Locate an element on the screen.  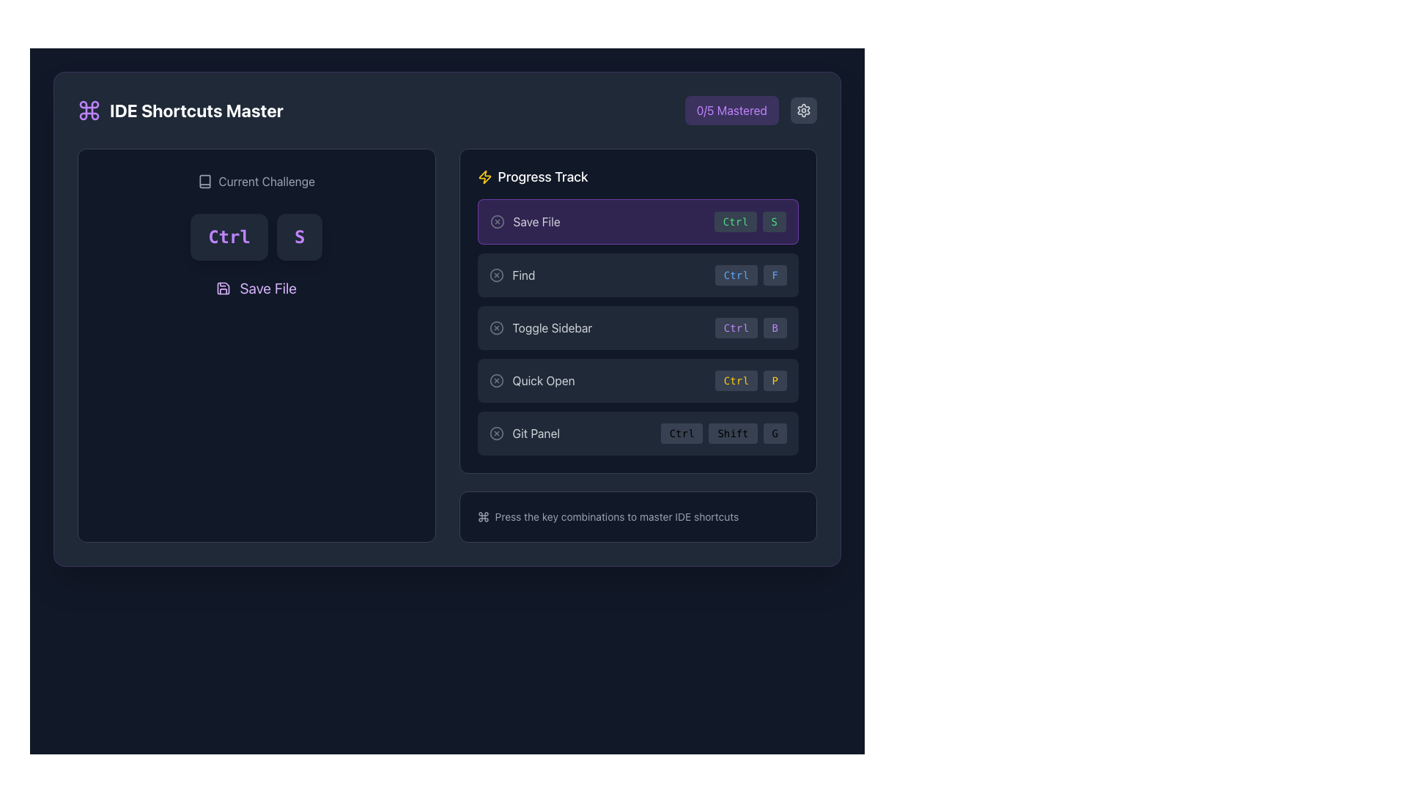
the decorative icon located at the start of the horizontal row, which serves as a visual label for the message about mastering IDE shortcuts is located at coordinates (483, 516).